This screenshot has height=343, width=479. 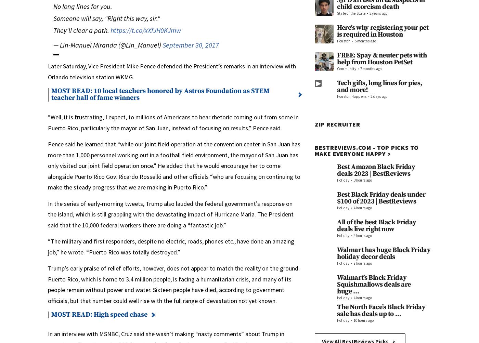 I want to click on '2 years ago', so click(x=369, y=13).